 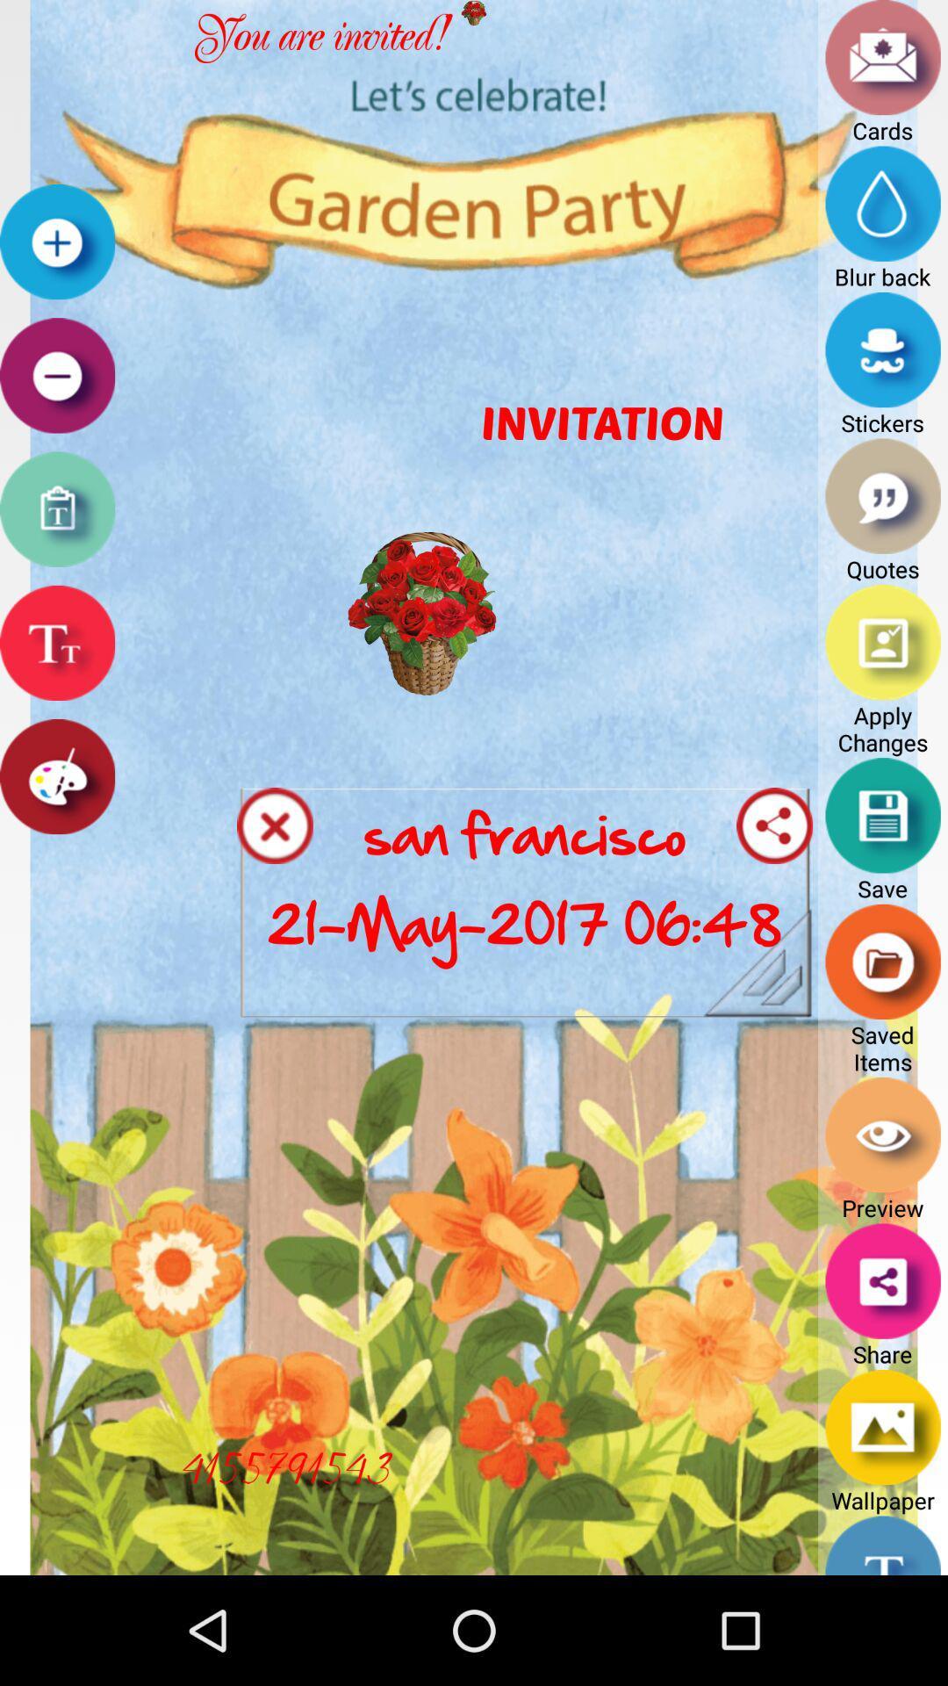 I want to click on the close icon, so click(x=275, y=883).